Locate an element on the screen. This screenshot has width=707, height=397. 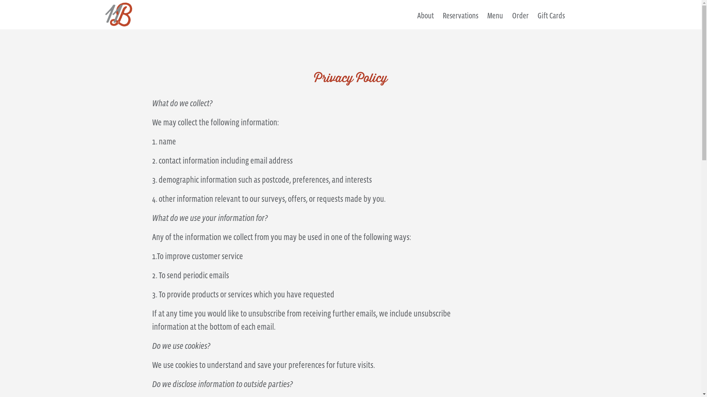
'Reservations' is located at coordinates (460, 19).